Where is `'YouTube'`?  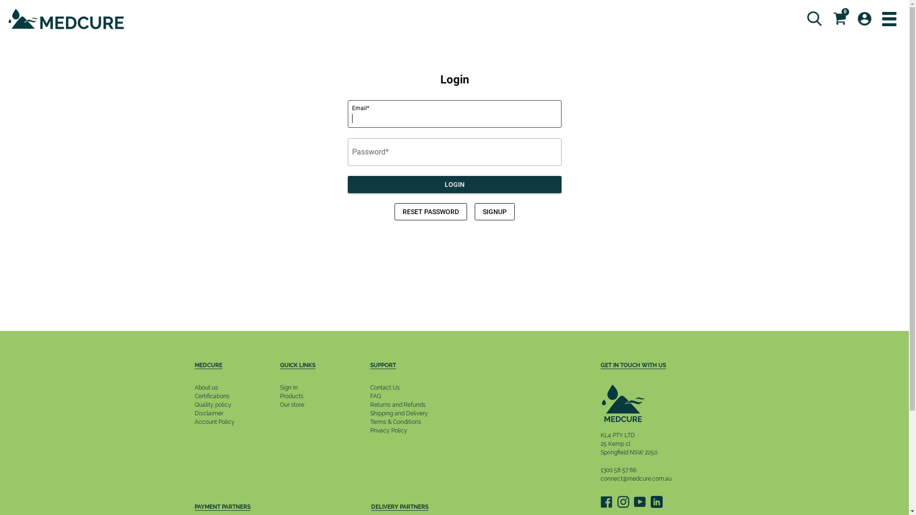 'YouTube' is located at coordinates (639, 501).